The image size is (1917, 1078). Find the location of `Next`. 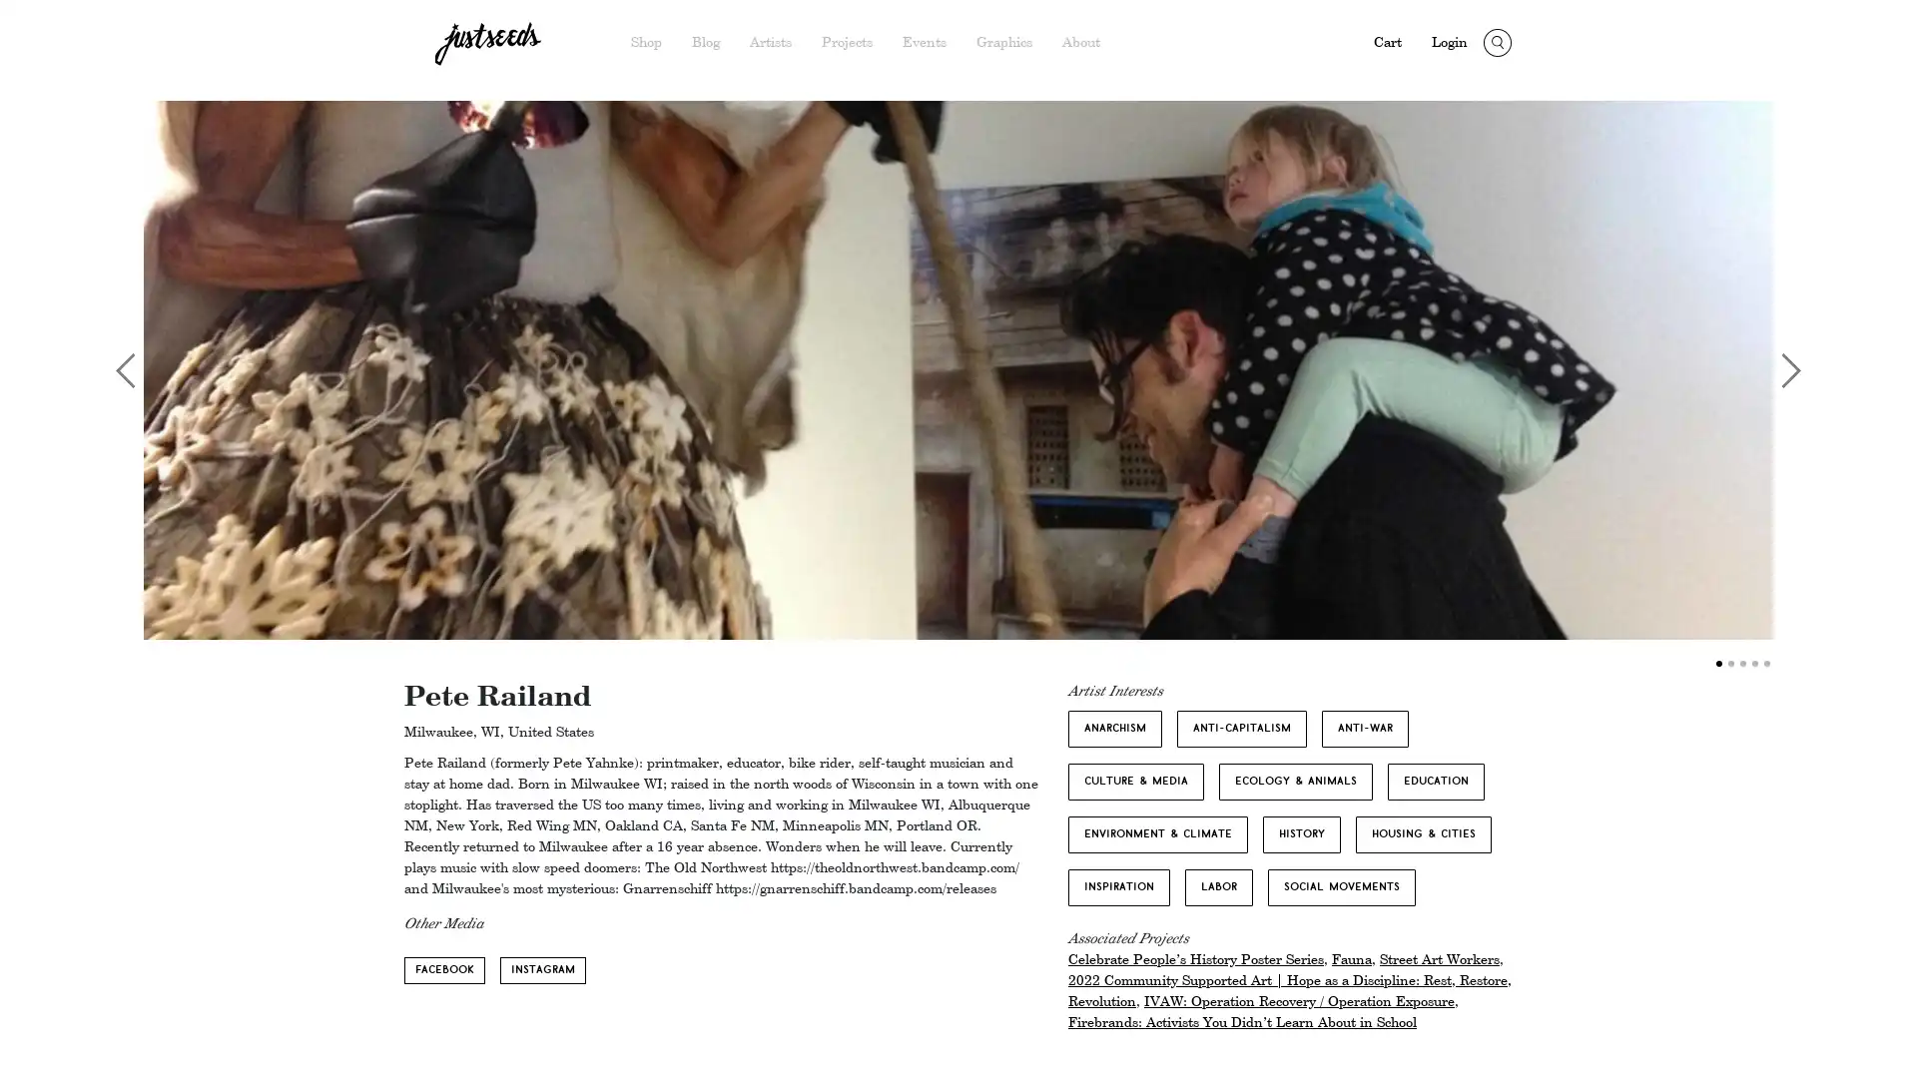

Next is located at coordinates (1783, 369).